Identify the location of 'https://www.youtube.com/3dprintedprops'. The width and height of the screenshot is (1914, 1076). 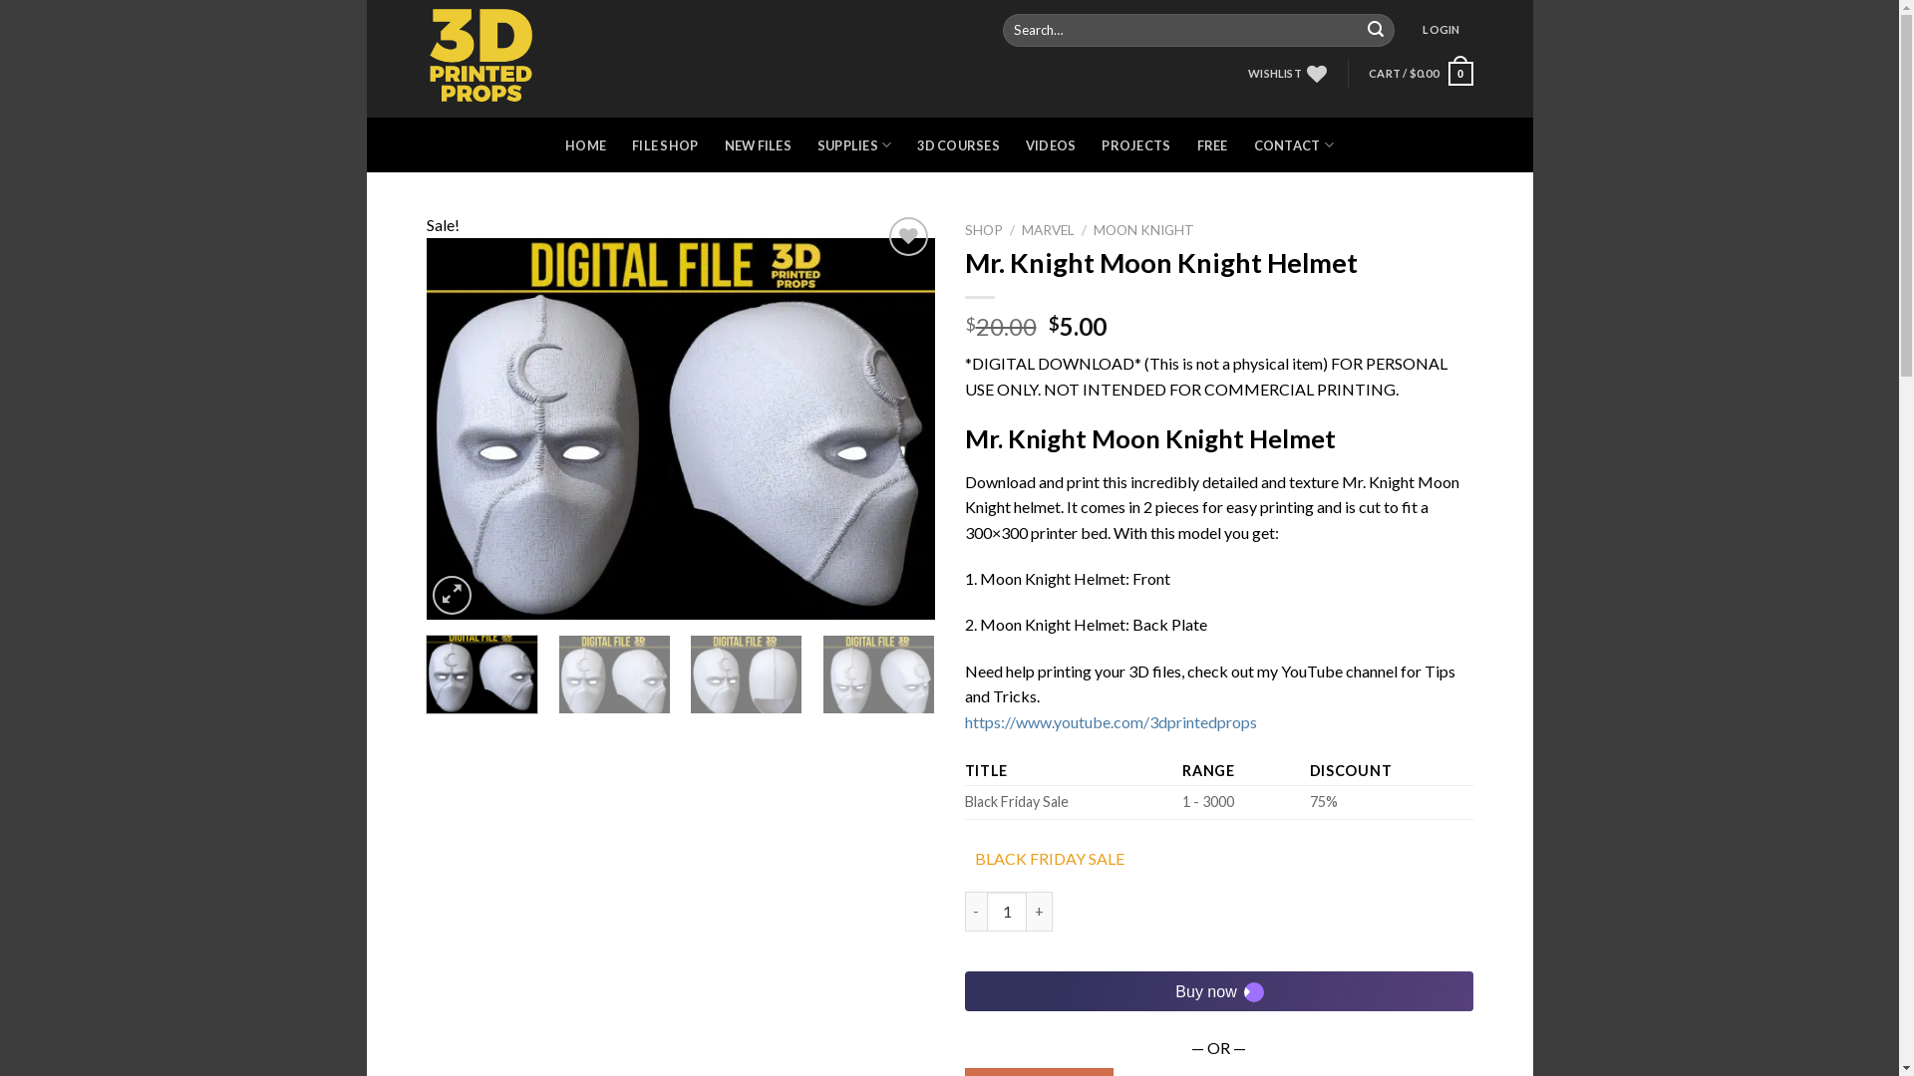
(1110, 721).